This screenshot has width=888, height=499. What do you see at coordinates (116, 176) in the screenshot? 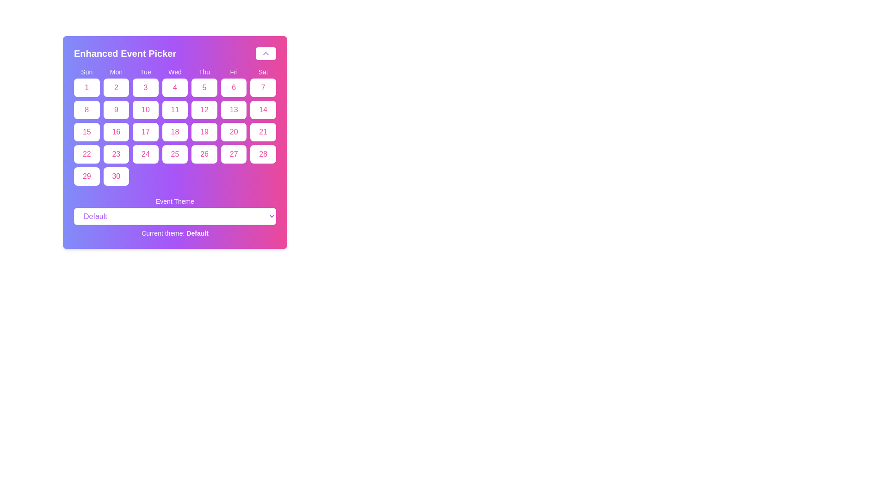
I see `the date cell representing '30' in the calendar interface` at bounding box center [116, 176].